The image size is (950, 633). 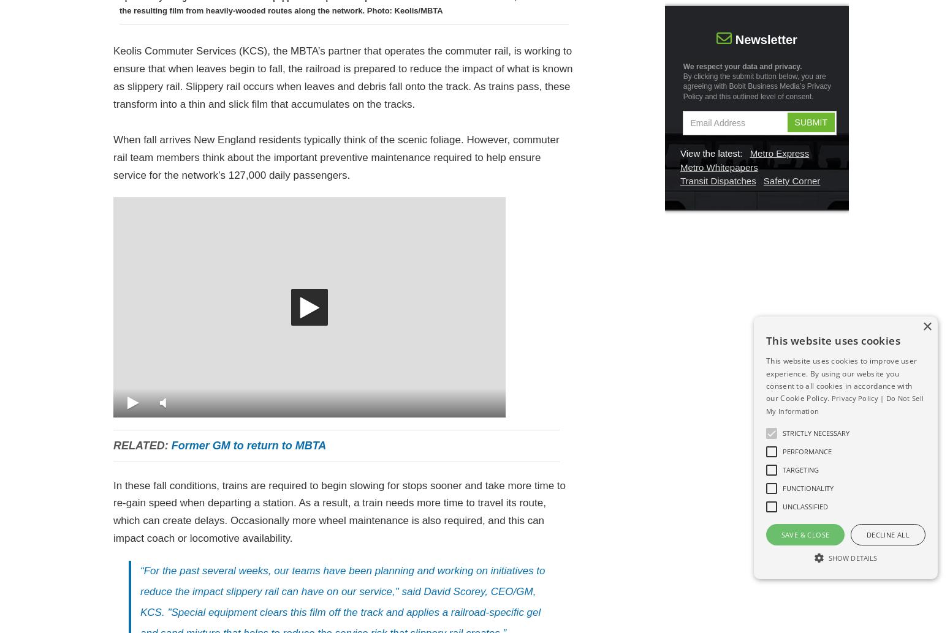 What do you see at coordinates (800, 469) in the screenshot?
I see `'Targeting'` at bounding box center [800, 469].